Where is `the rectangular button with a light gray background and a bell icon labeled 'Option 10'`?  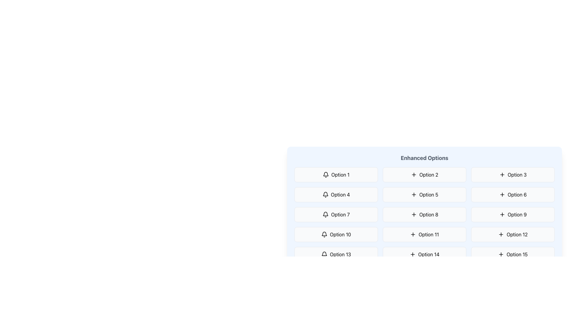 the rectangular button with a light gray background and a bell icon labeled 'Option 10' is located at coordinates (336, 234).